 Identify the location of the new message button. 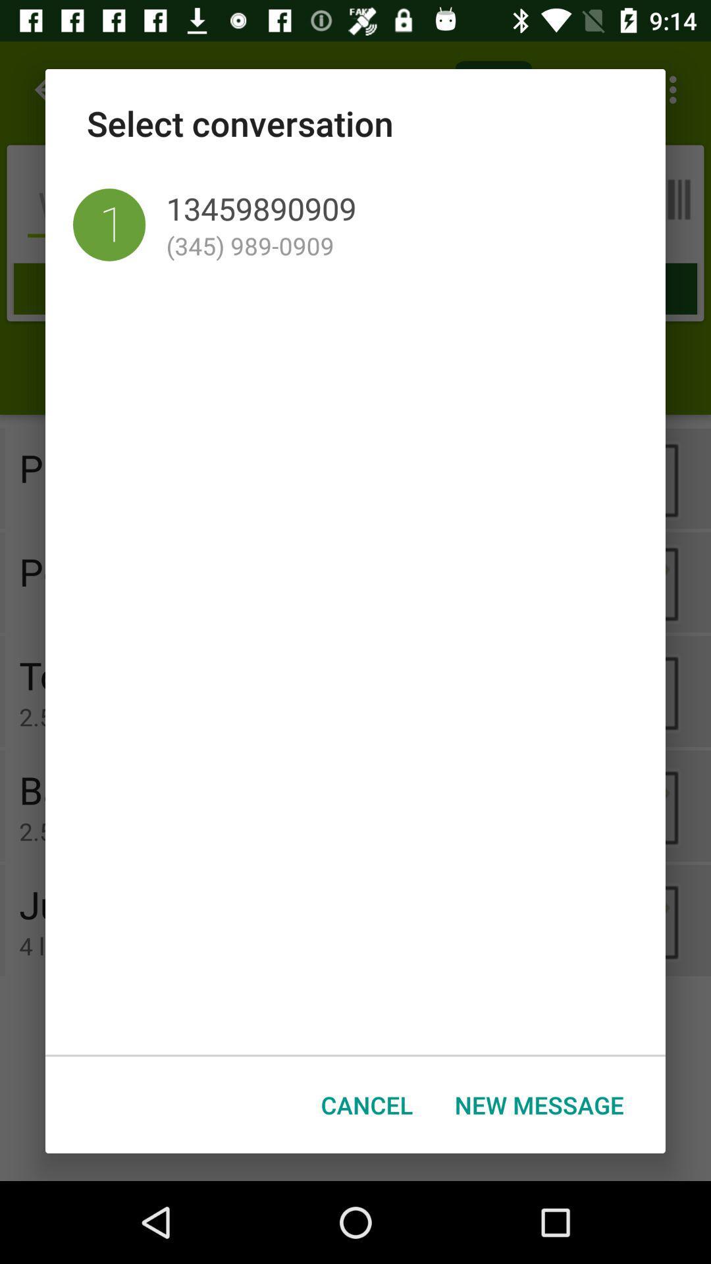
(539, 1105).